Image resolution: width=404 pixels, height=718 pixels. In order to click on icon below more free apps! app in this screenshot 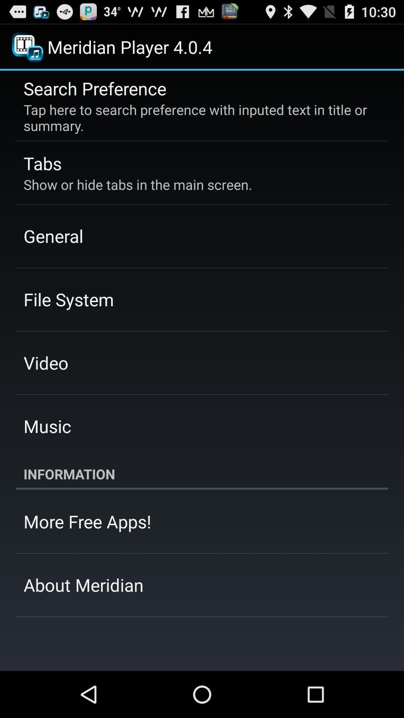, I will do `click(83, 584)`.